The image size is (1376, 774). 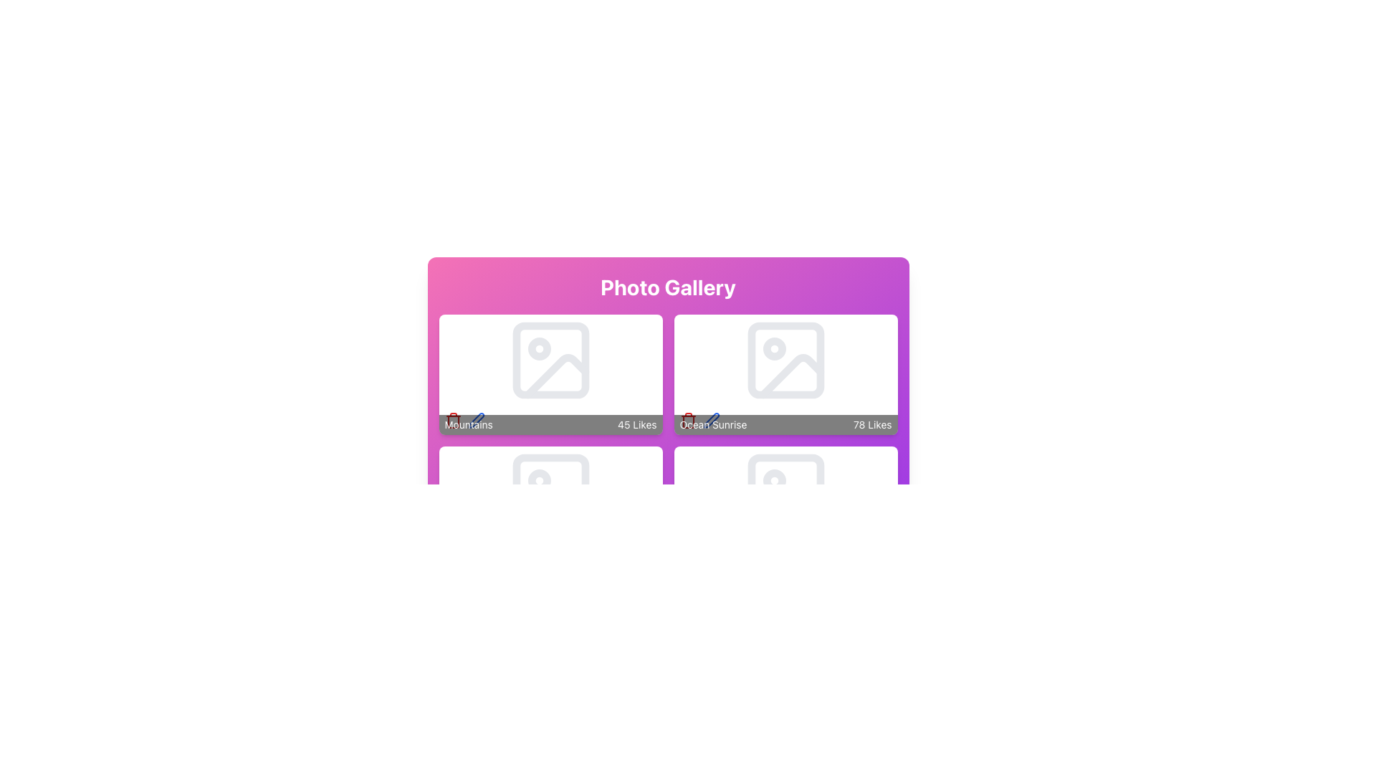 I want to click on the image placeholder icon located in the photo gallery interface, centered above the 'Ocean Sunrise' and '78 Likes' text in the card, so click(x=785, y=359).